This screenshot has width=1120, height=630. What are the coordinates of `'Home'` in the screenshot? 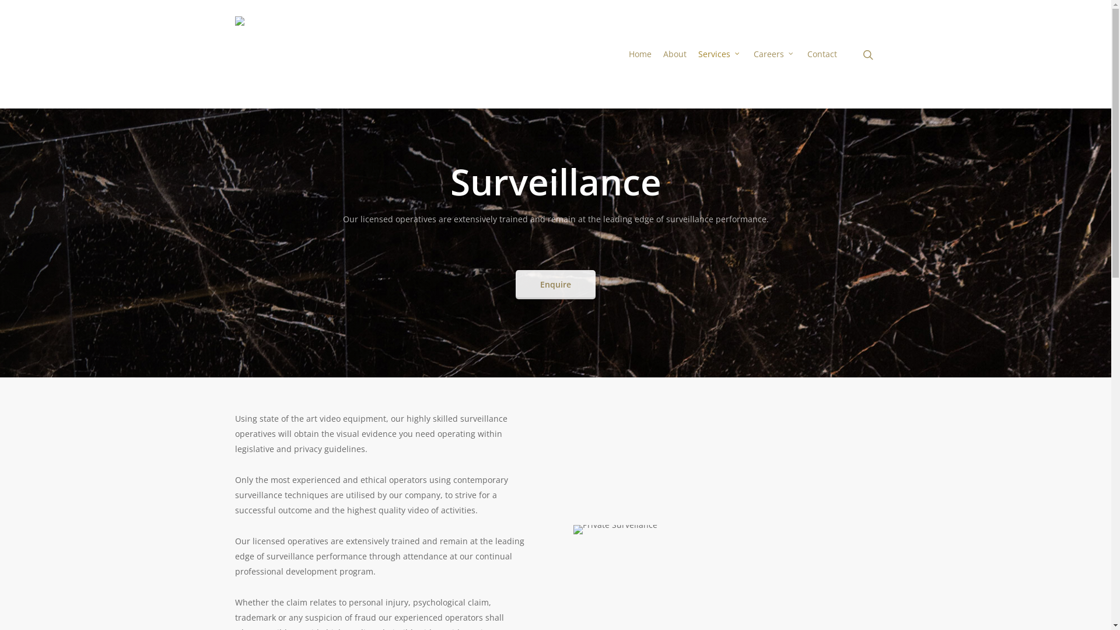 It's located at (639, 54).